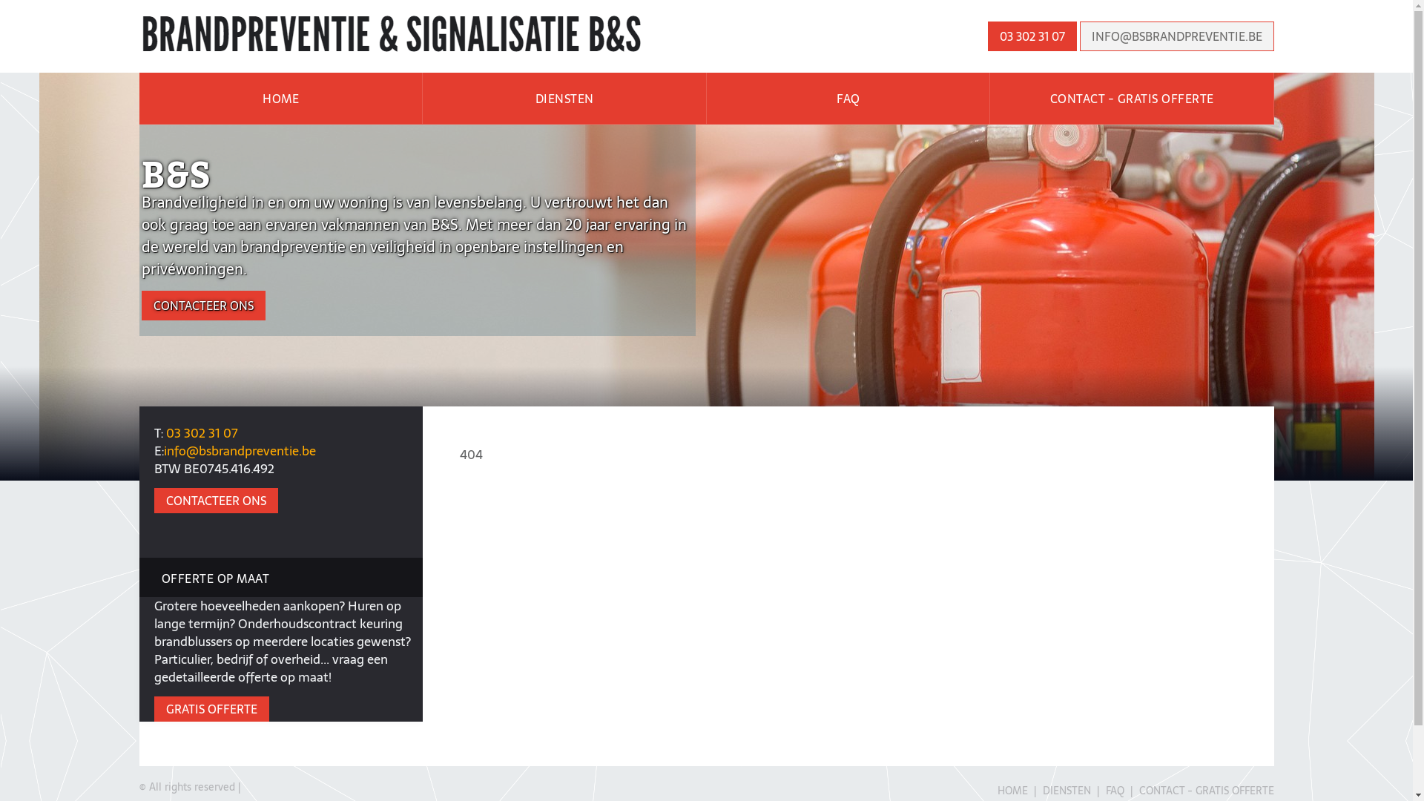 The width and height of the screenshot is (1424, 801). Describe the element at coordinates (239, 450) in the screenshot. I see `'info@bsbrandpreventie.be'` at that location.